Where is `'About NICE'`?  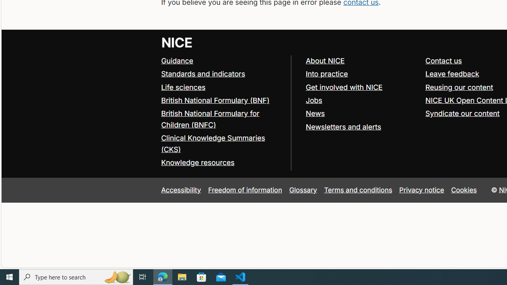 'About NICE' is located at coordinates (325, 60).